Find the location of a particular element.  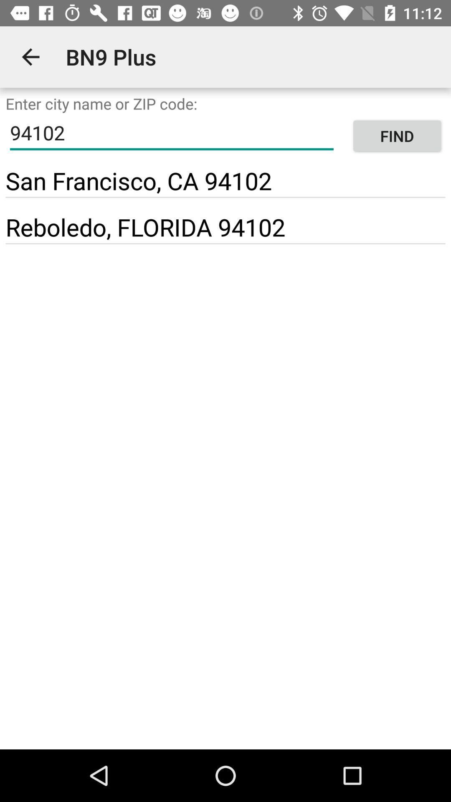

the icon below the enter city name icon is located at coordinates (397, 136).